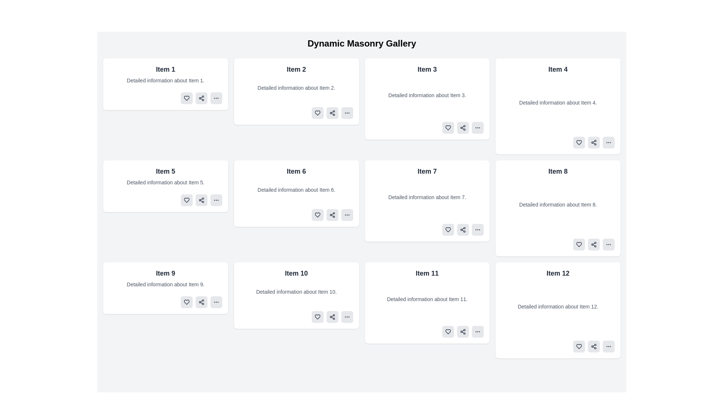  I want to click on the Text label that provides additional information for 'Item 12', located beneath the title 'Item 12' in the bottom-right corner of the grid layout, so click(558, 306).